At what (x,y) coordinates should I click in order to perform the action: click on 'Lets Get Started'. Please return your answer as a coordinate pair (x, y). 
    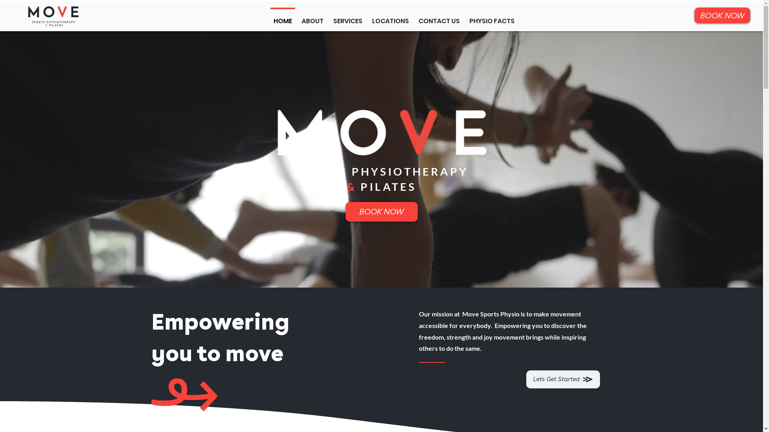
    Looking at the image, I should click on (563, 379).